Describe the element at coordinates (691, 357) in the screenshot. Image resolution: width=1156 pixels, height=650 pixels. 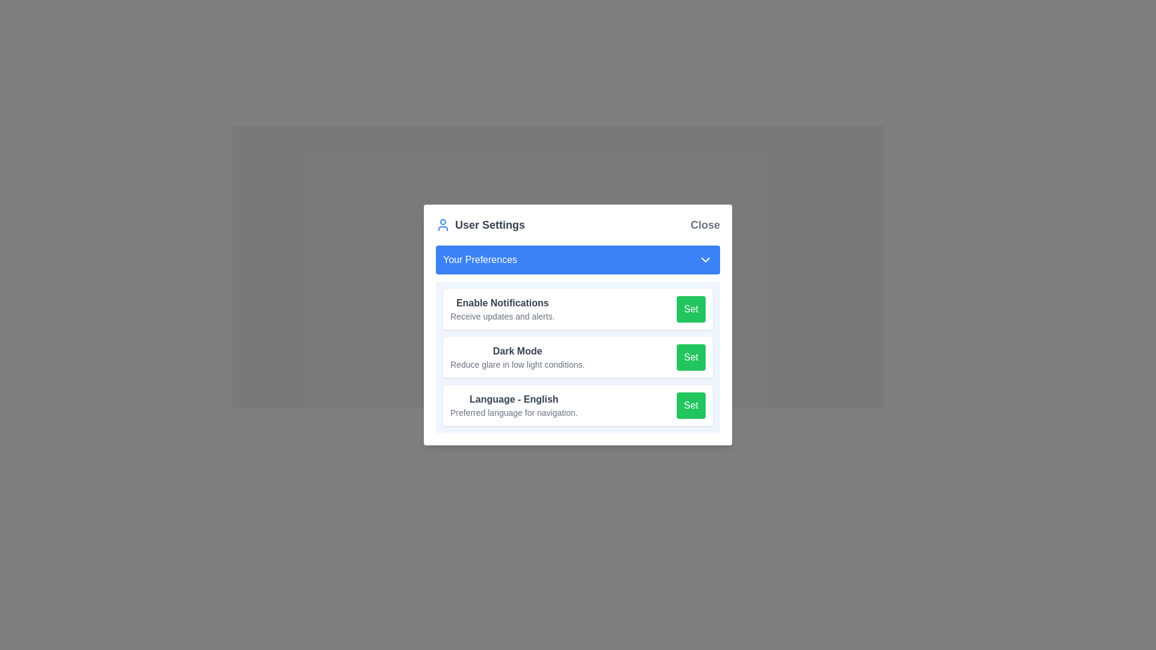
I see `the 'Dark Mode' button located to the right of the 'Dark Mode' section` at that location.